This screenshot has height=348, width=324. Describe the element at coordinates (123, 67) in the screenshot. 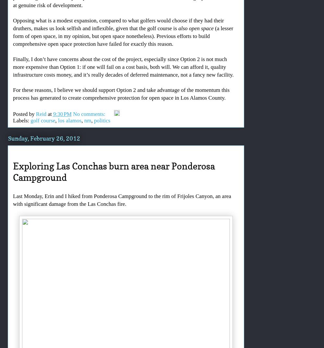

I see `'Finally, I don’t have concerns about the cost of the project, especially since Option 2 is not much more expensive than Option 1: if one will fail on a cost basis, both will. We can afford it, quality infrastructure costs money, and it’s really decades of deferred maintenance, not a fancy new facility.'` at that location.